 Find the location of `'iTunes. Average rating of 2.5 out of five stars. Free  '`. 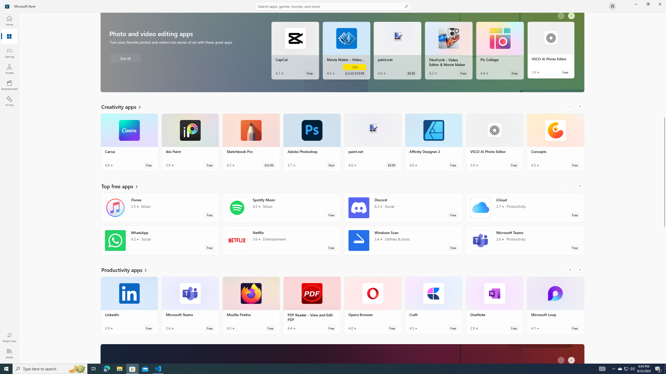

'iTunes. Average rating of 2.5 out of five stars. Free  ' is located at coordinates (159, 207).